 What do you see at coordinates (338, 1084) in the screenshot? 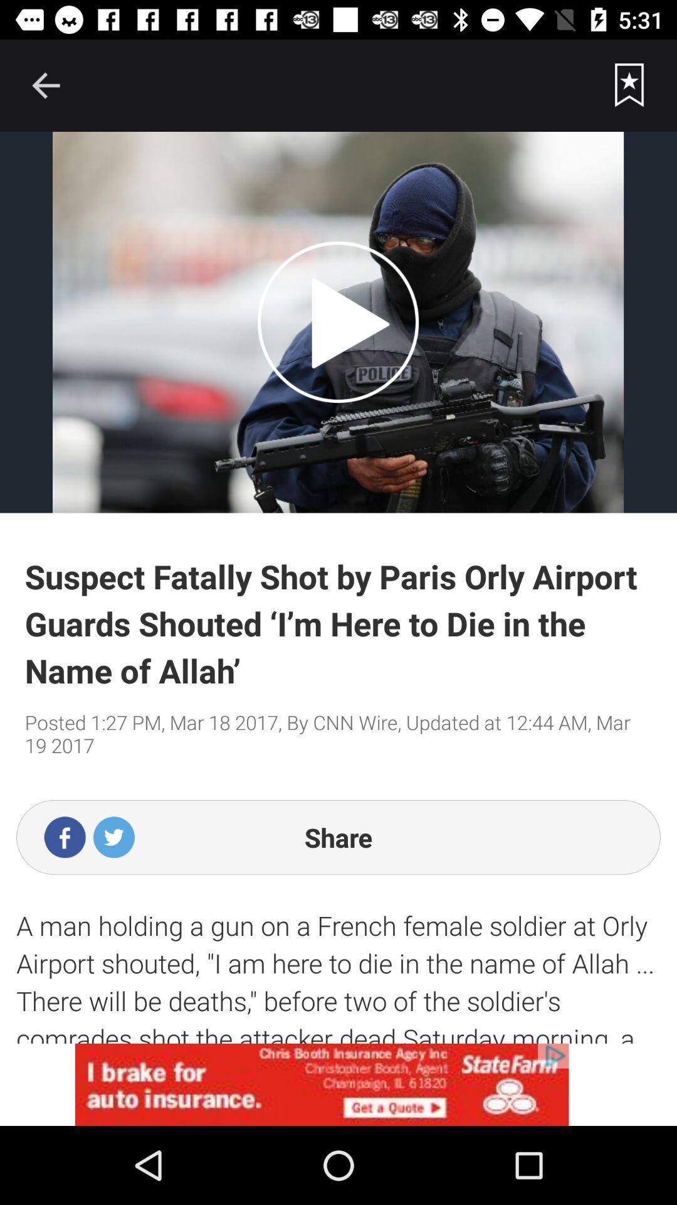
I see `the advertisement` at bounding box center [338, 1084].